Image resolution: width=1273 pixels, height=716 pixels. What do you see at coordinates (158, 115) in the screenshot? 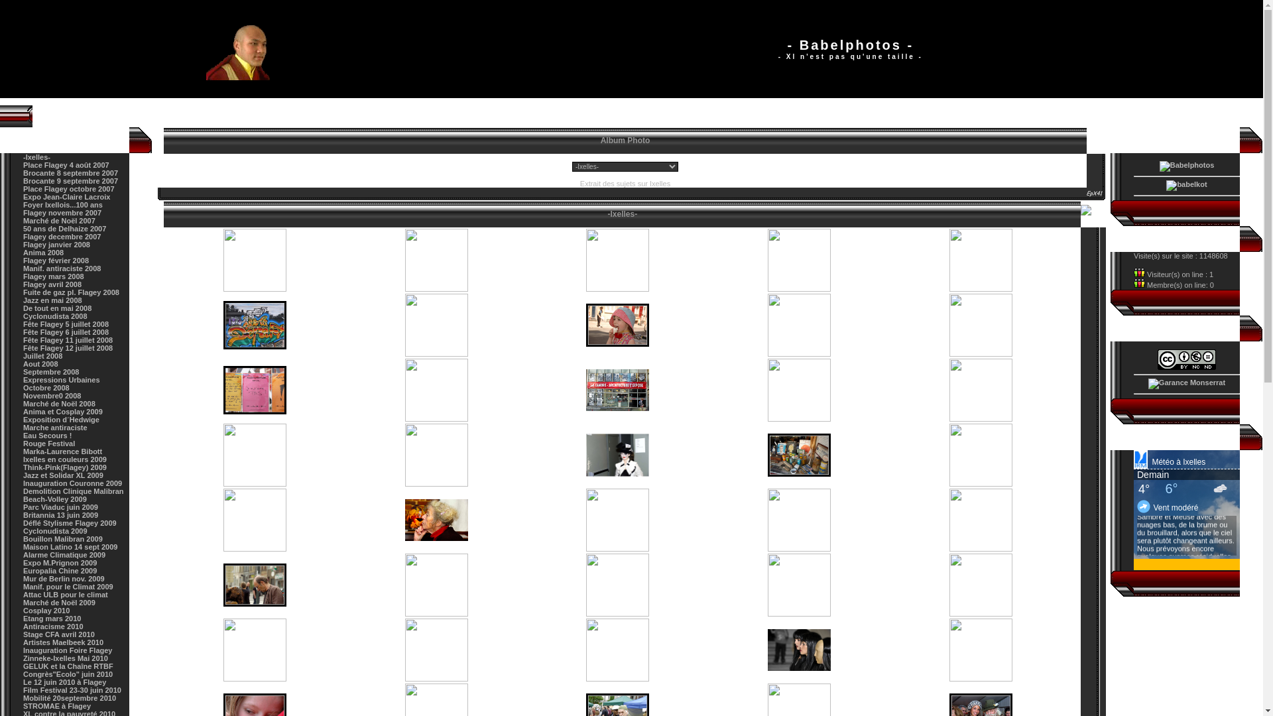
I see `'Accueil'` at bounding box center [158, 115].